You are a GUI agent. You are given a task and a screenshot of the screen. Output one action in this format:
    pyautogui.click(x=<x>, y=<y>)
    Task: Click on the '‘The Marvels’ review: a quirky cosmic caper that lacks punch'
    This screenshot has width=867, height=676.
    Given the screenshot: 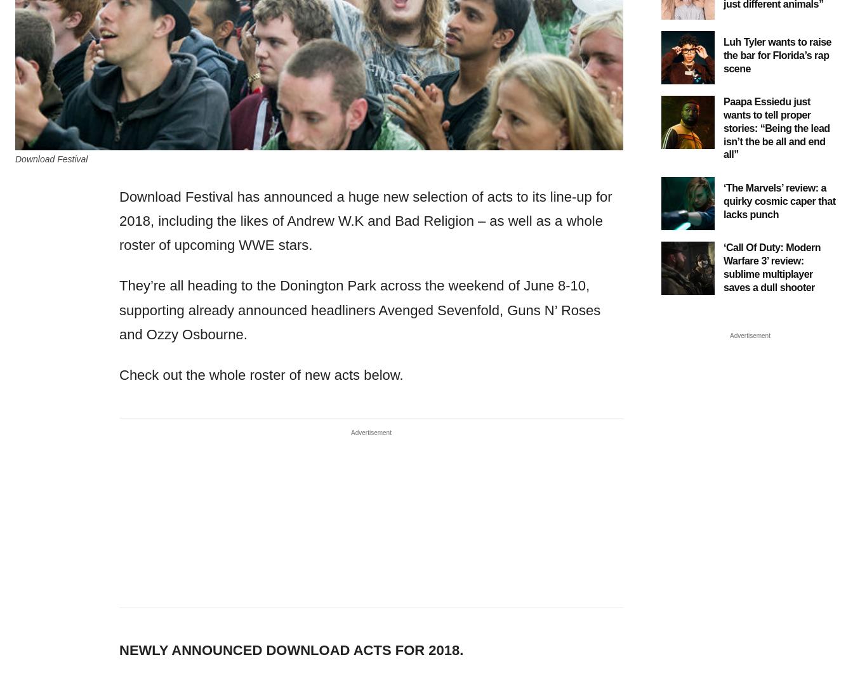 What is the action you would take?
    pyautogui.click(x=779, y=200)
    